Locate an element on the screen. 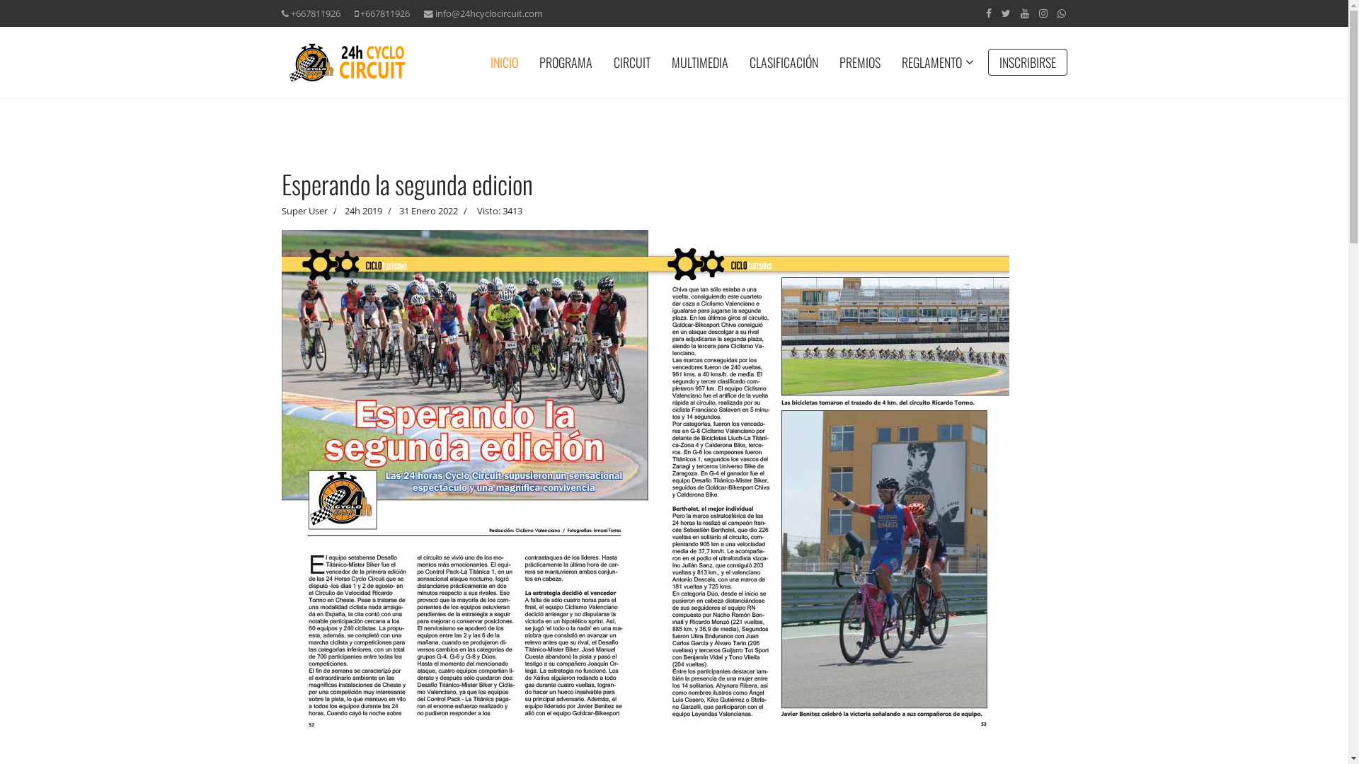  'info@24hcyclocircuit.com' is located at coordinates (488, 13).